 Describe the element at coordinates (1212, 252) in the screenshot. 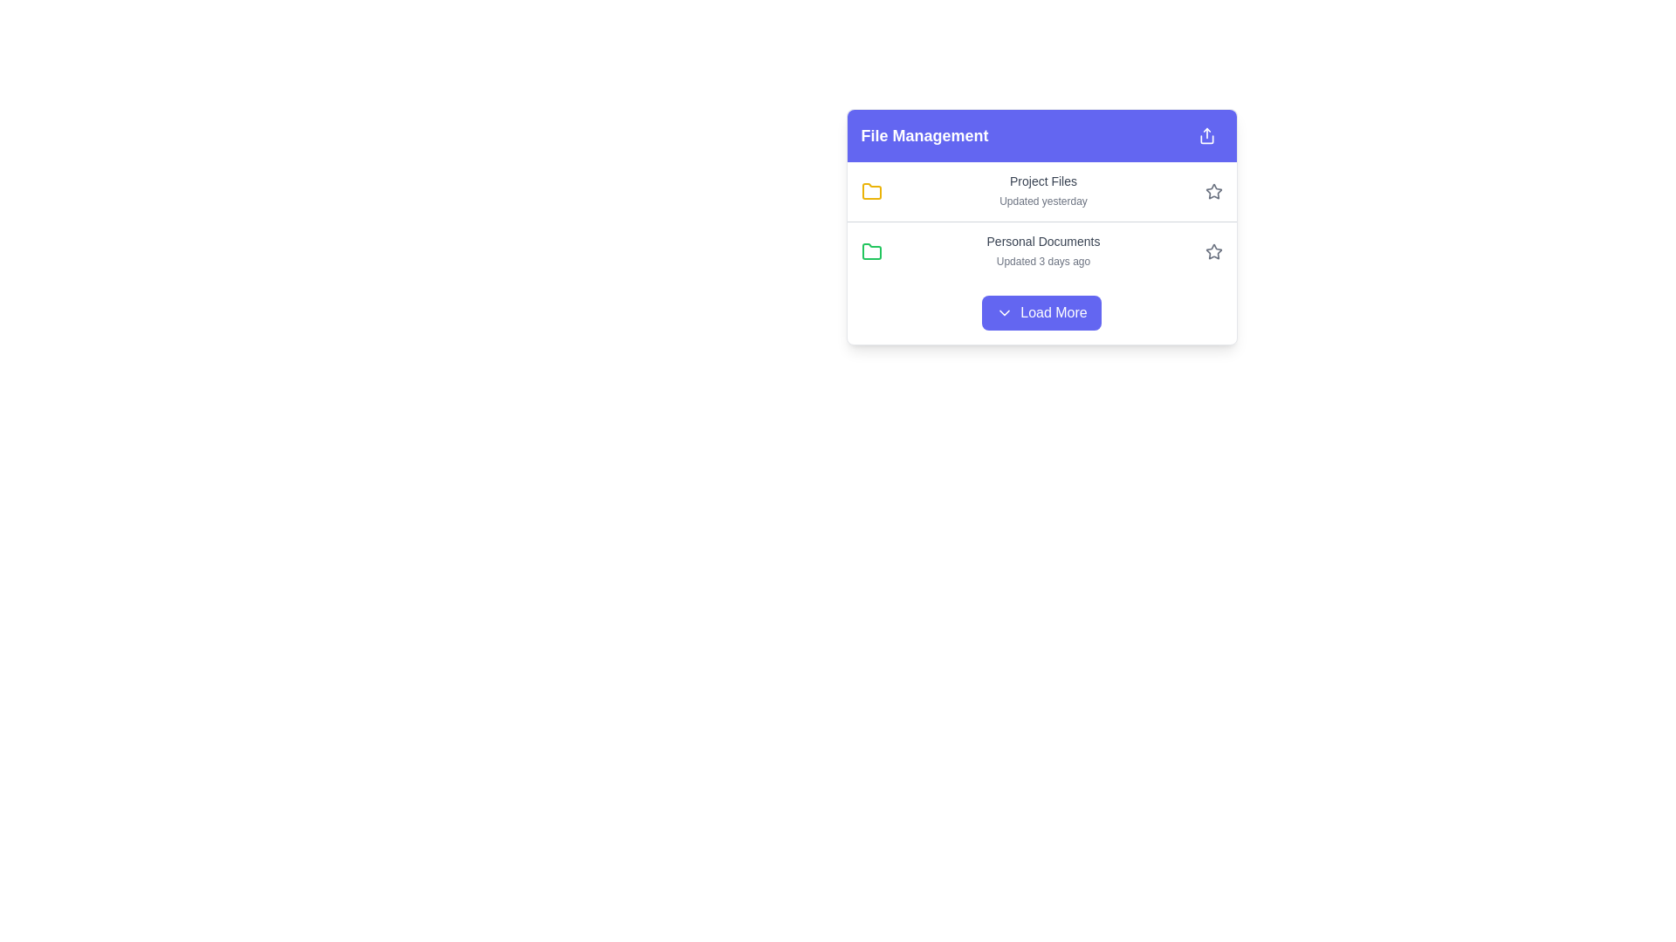

I see `the star-shaped icon button located in the right-side area of the 'Personal Documents' row in the 'File Management' section` at that location.